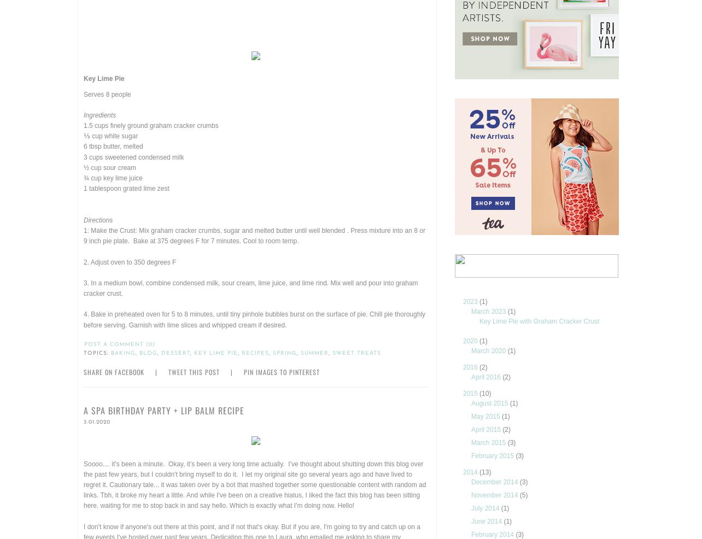 The height and width of the screenshot is (539, 702). I want to click on 'Baking', so click(122, 353).